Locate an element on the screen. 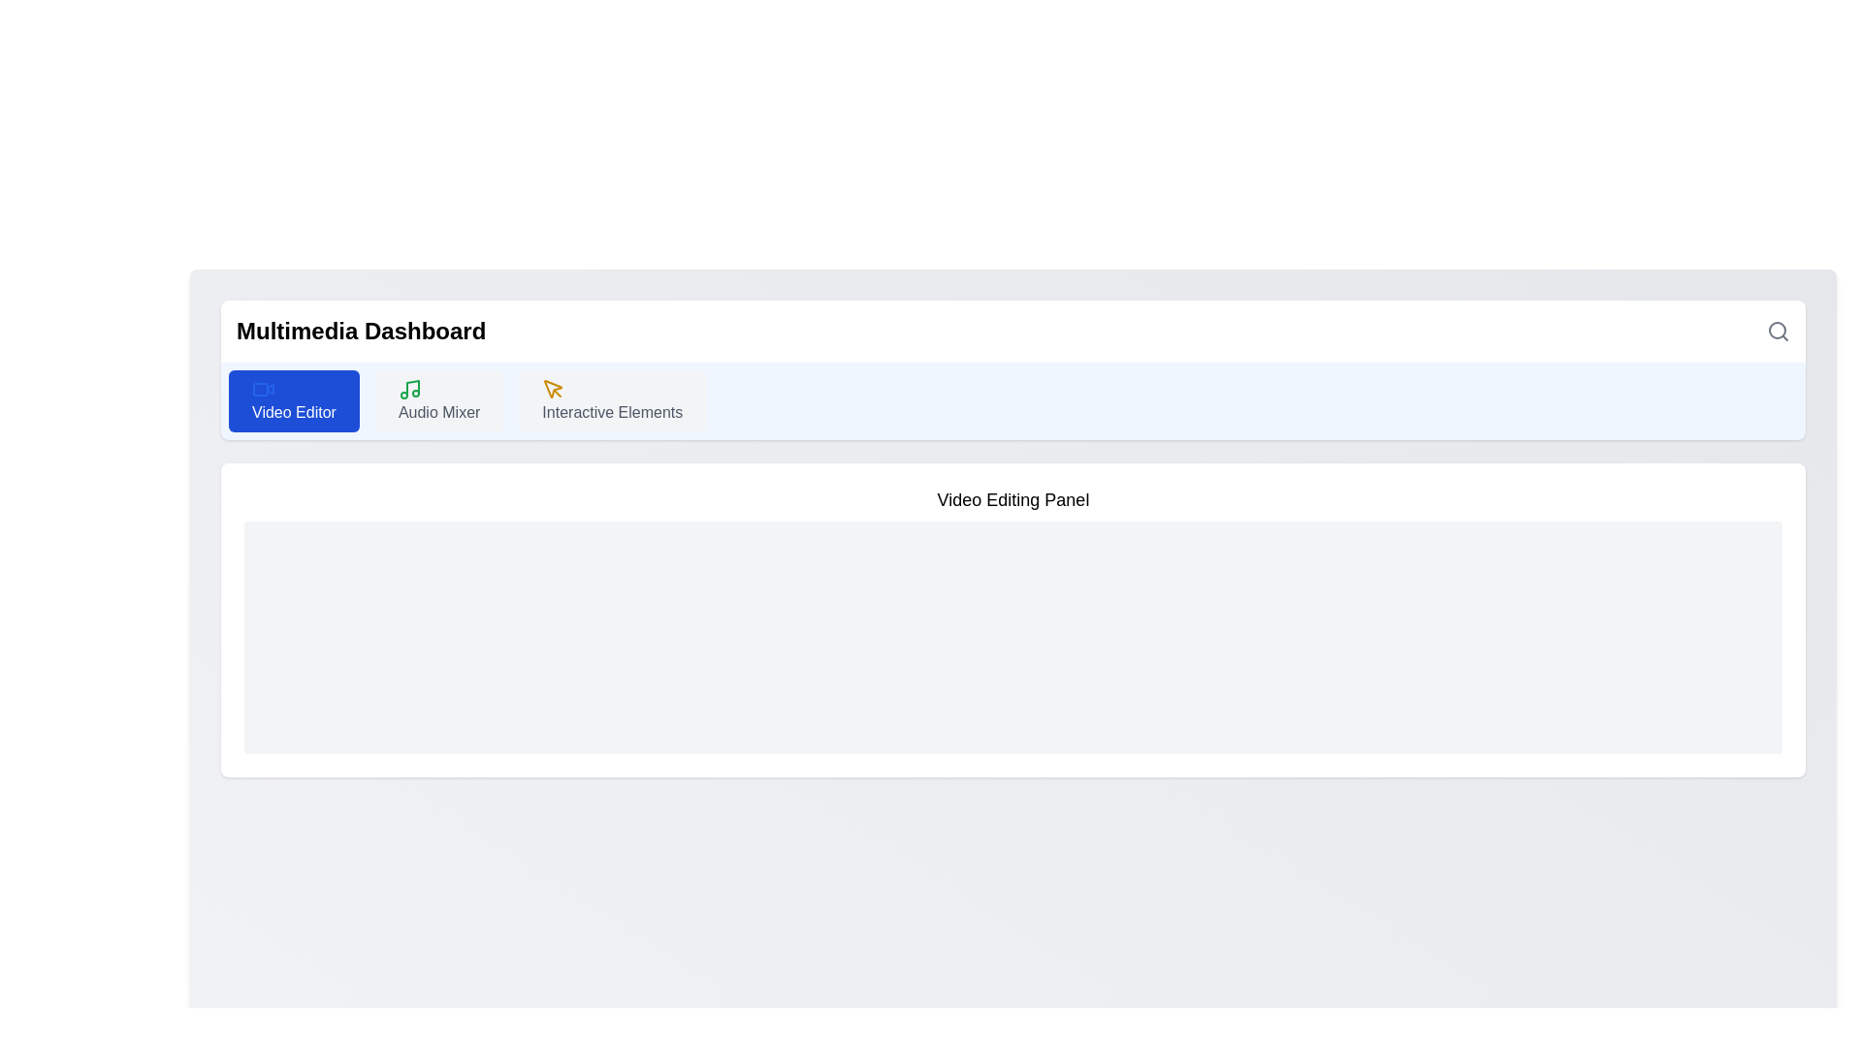  the yellow pointer icon in the 'Interactive Elements' tab of the top navigation, indicating interactivity or pointer actions is located at coordinates (552, 389).